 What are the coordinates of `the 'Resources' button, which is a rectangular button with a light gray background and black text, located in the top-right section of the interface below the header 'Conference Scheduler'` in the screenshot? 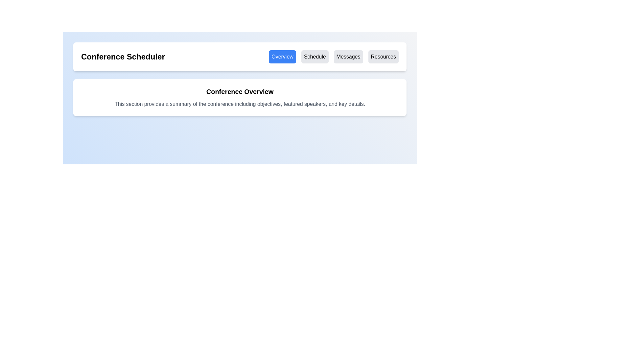 It's located at (383, 57).